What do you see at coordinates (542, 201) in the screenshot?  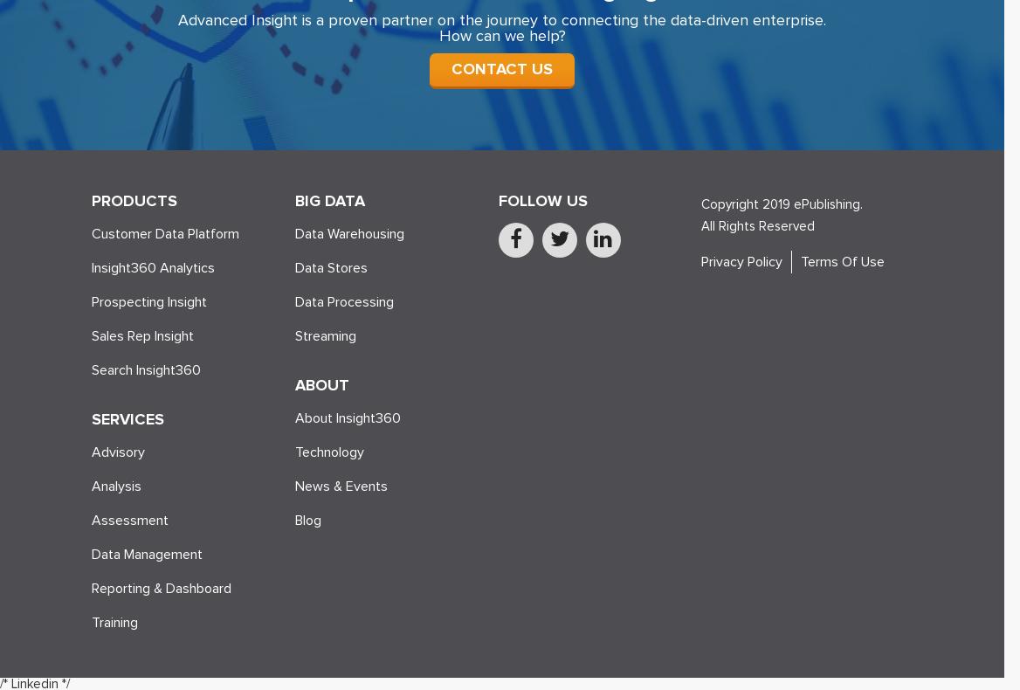 I see `'FOLLOW US'` at bounding box center [542, 201].